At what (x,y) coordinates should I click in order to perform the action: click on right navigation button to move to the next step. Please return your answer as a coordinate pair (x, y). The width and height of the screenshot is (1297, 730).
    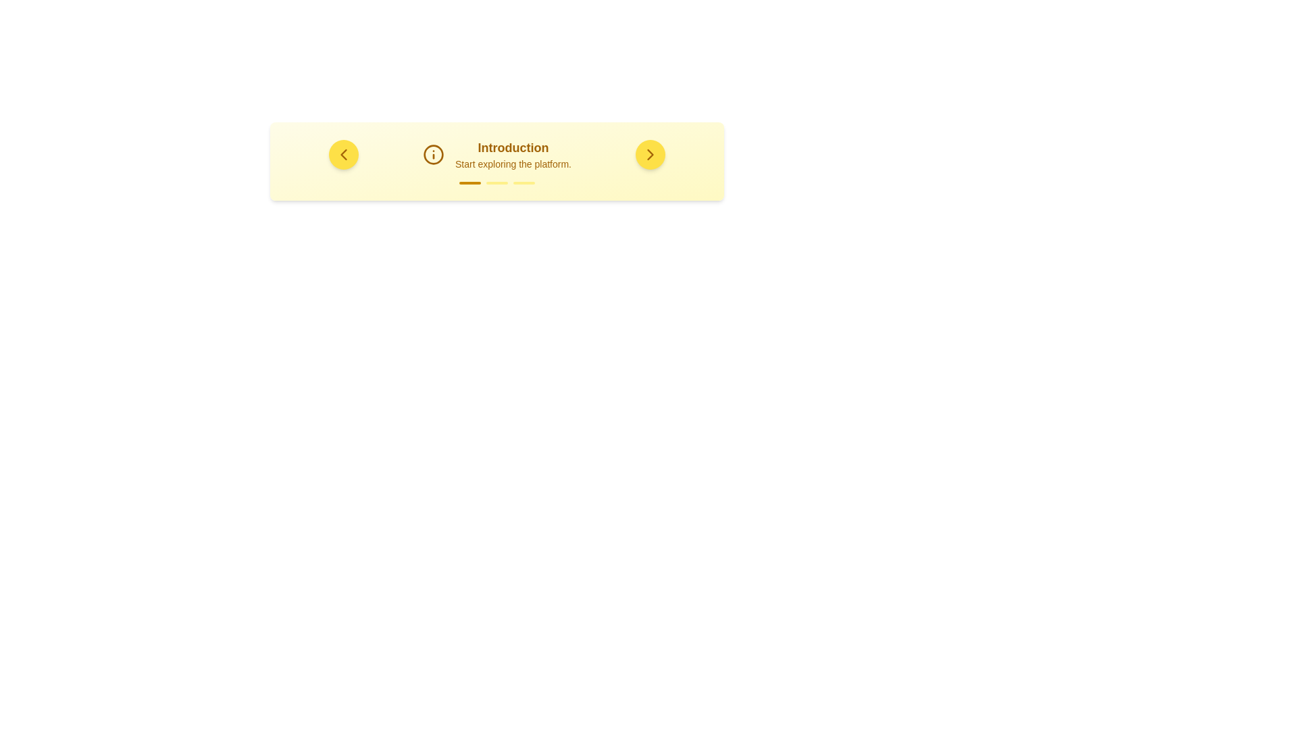
    Looking at the image, I should click on (651, 153).